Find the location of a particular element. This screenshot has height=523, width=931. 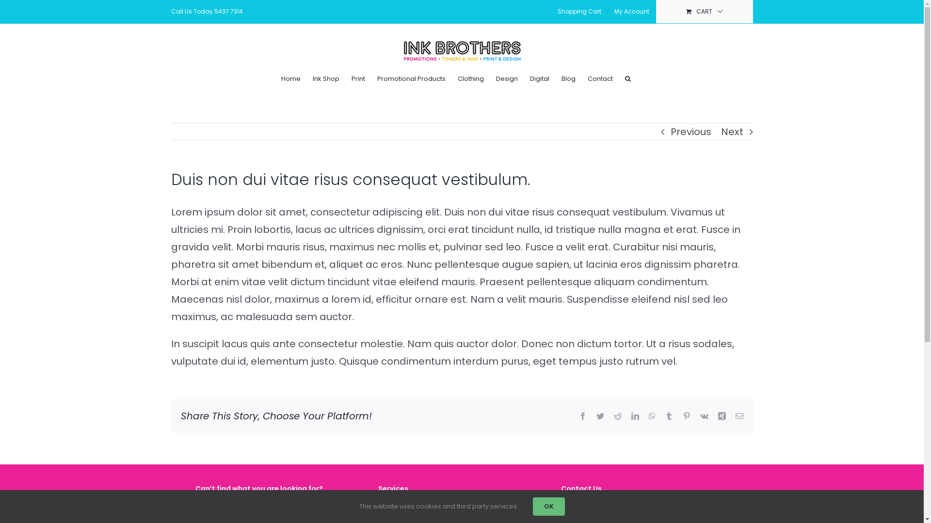

'Xing' is located at coordinates (722, 415).